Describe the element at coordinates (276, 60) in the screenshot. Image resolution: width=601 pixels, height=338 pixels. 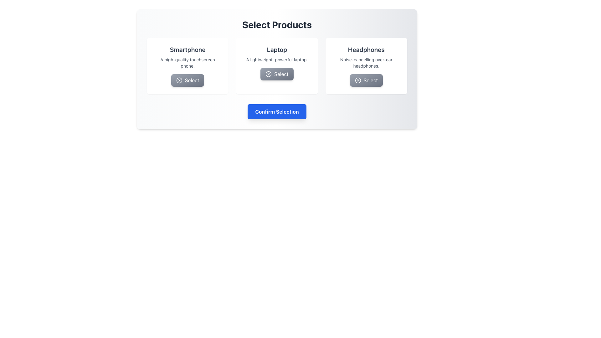
I see `the Static Text element that reads 'A lightweight, powerful laptop.' located beneath the product title 'Laptop' and above the 'Select' button` at that location.